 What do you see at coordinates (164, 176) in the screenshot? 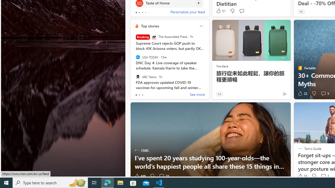
I see `'View comments 32 Comment'` at bounding box center [164, 176].